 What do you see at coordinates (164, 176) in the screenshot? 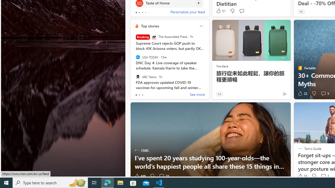
I see `'View comments 32 Comment'` at bounding box center [164, 176].